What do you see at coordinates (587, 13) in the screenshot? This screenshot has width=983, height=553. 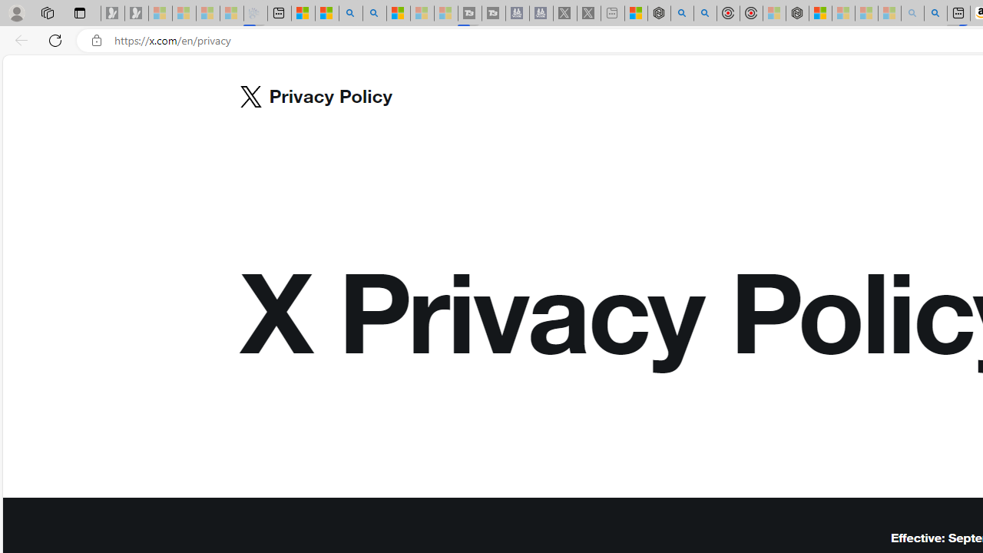 I see `'X - Sleeping'` at bounding box center [587, 13].